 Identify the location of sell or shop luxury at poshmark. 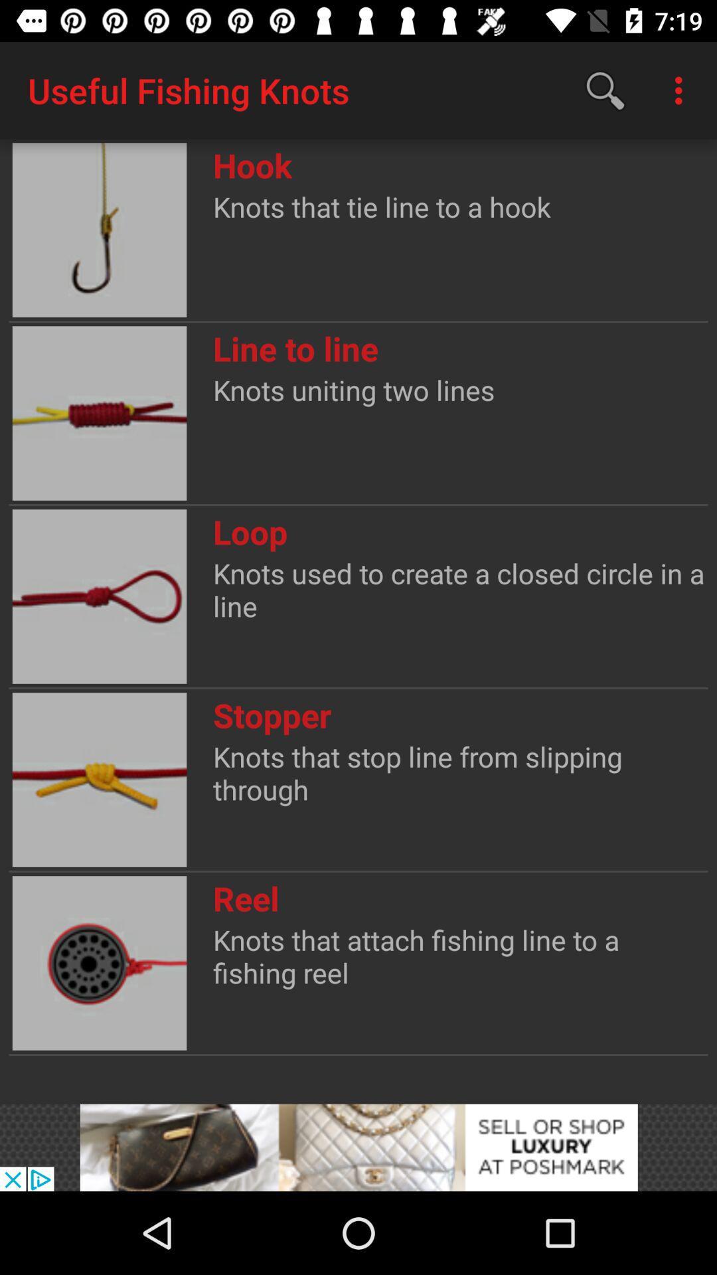
(358, 1147).